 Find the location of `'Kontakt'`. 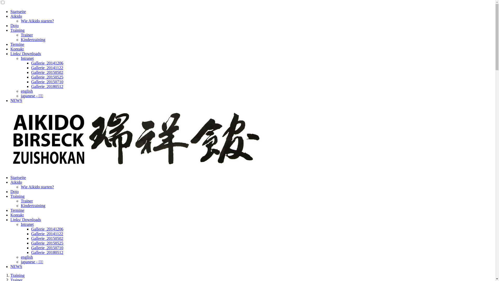

'Kontakt' is located at coordinates (10, 215).